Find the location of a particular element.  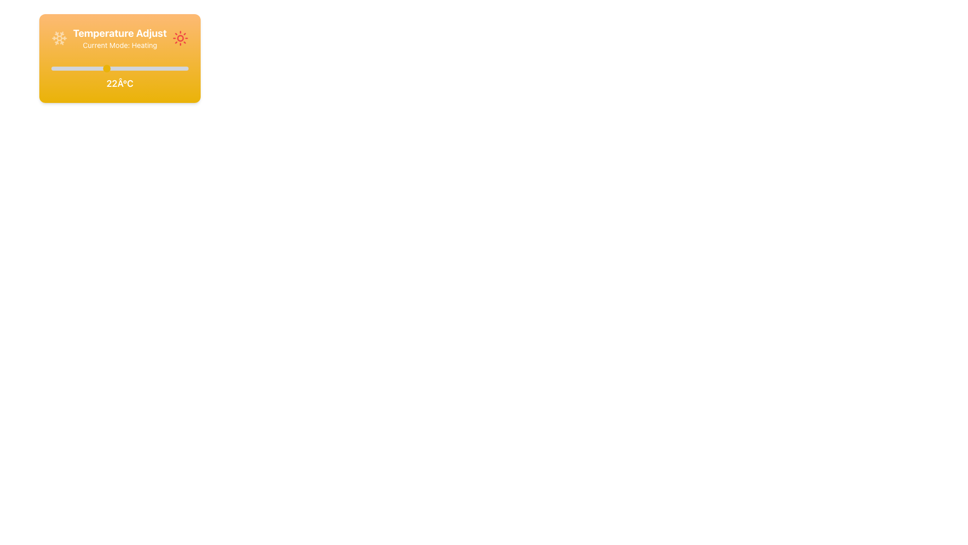

the Range Slider used for adjusting temperature values, which is located under the title 'Temperature Adjust' and above the label displaying '22°C' is located at coordinates (120, 68).